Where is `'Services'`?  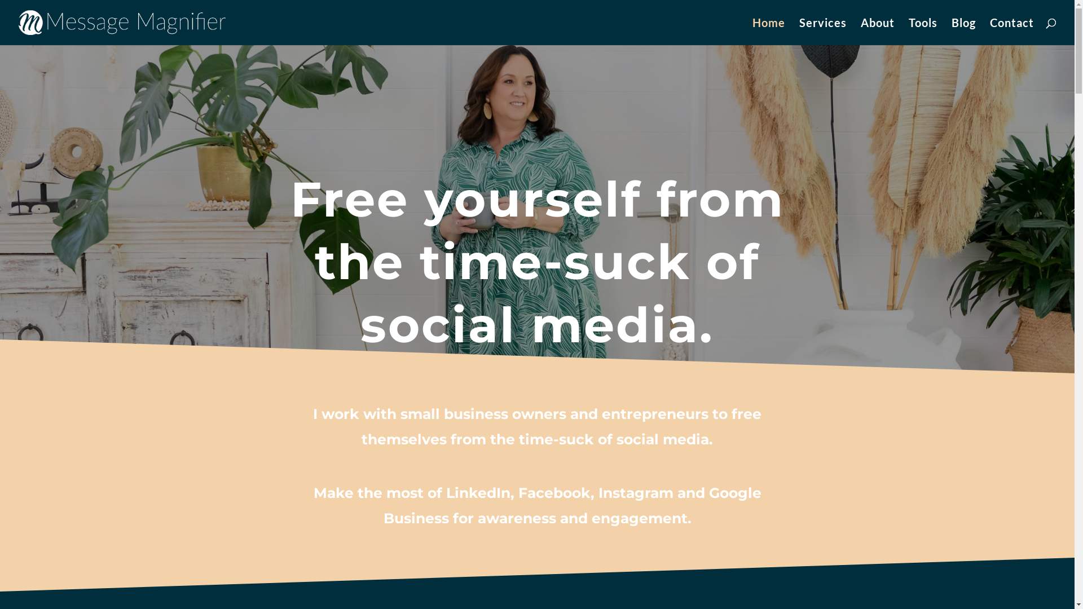
'Services' is located at coordinates (823, 31).